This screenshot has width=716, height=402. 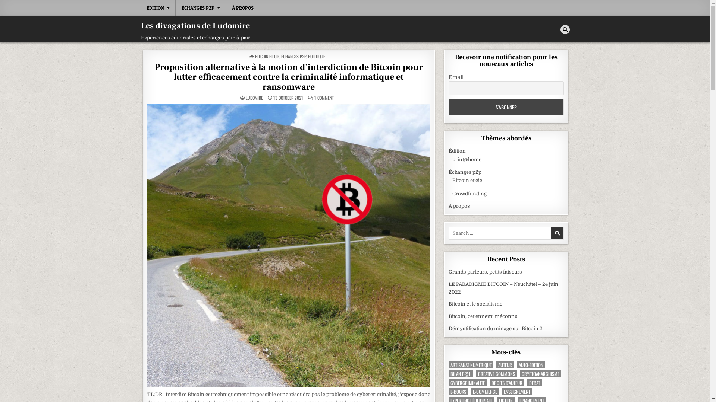 I want to click on 'Grands parleurs, petits faiseurs', so click(x=485, y=272).